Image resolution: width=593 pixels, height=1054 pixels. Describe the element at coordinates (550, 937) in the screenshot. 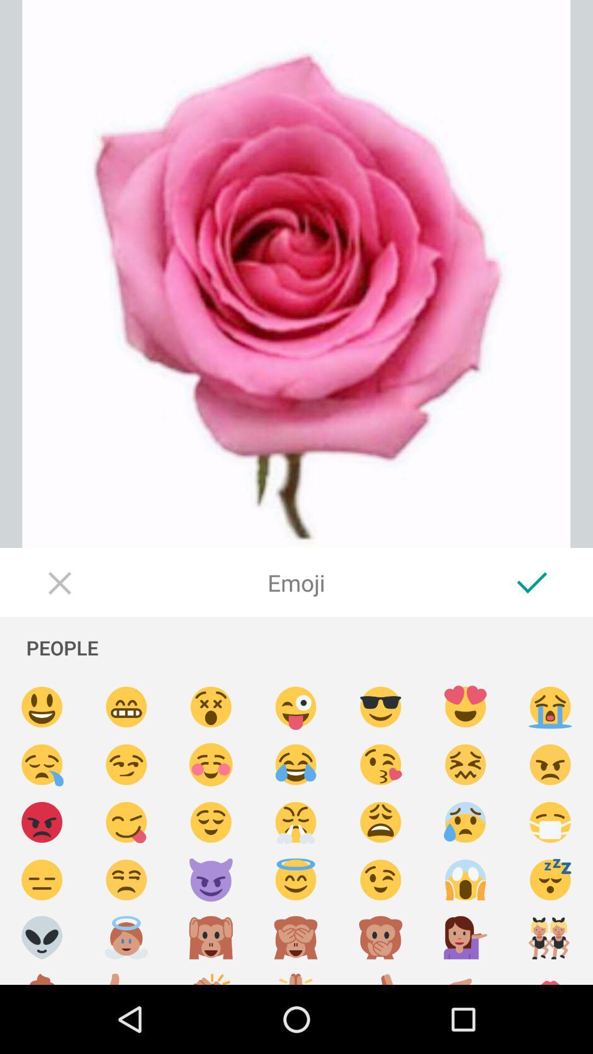

I see `two girls emoji` at that location.